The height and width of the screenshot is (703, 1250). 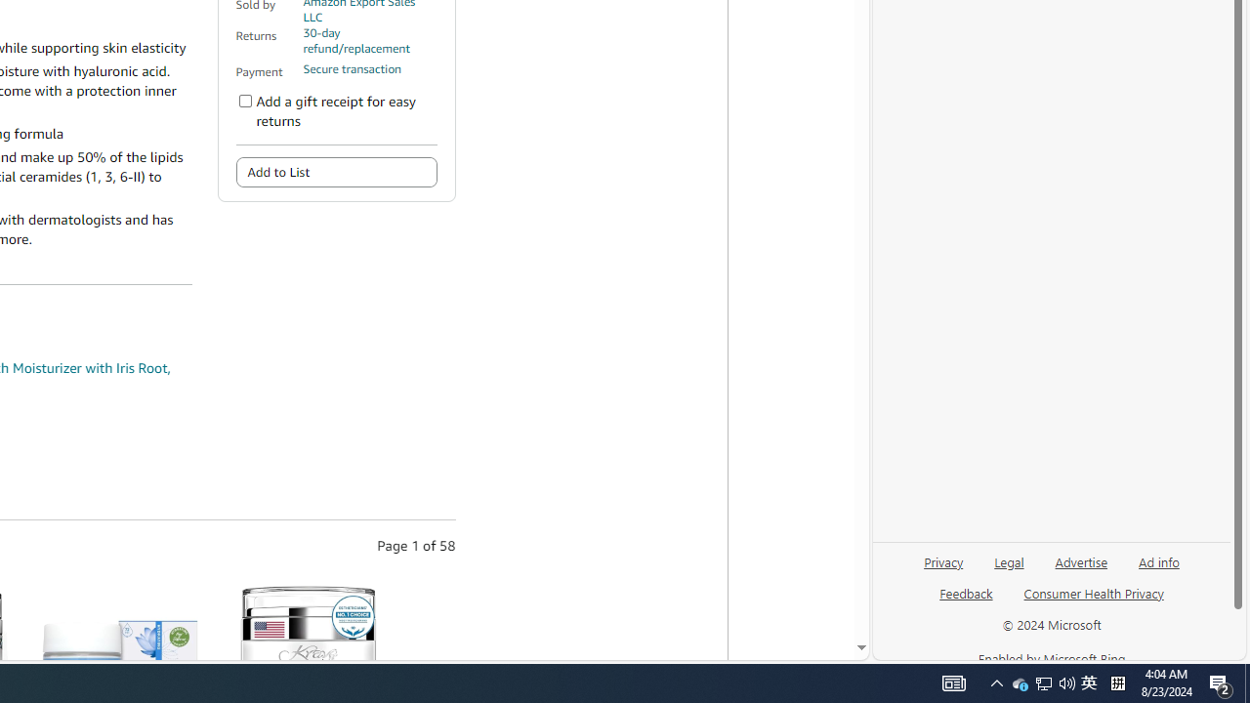 What do you see at coordinates (369, 41) in the screenshot?
I see `'30-day refund/replacement'` at bounding box center [369, 41].